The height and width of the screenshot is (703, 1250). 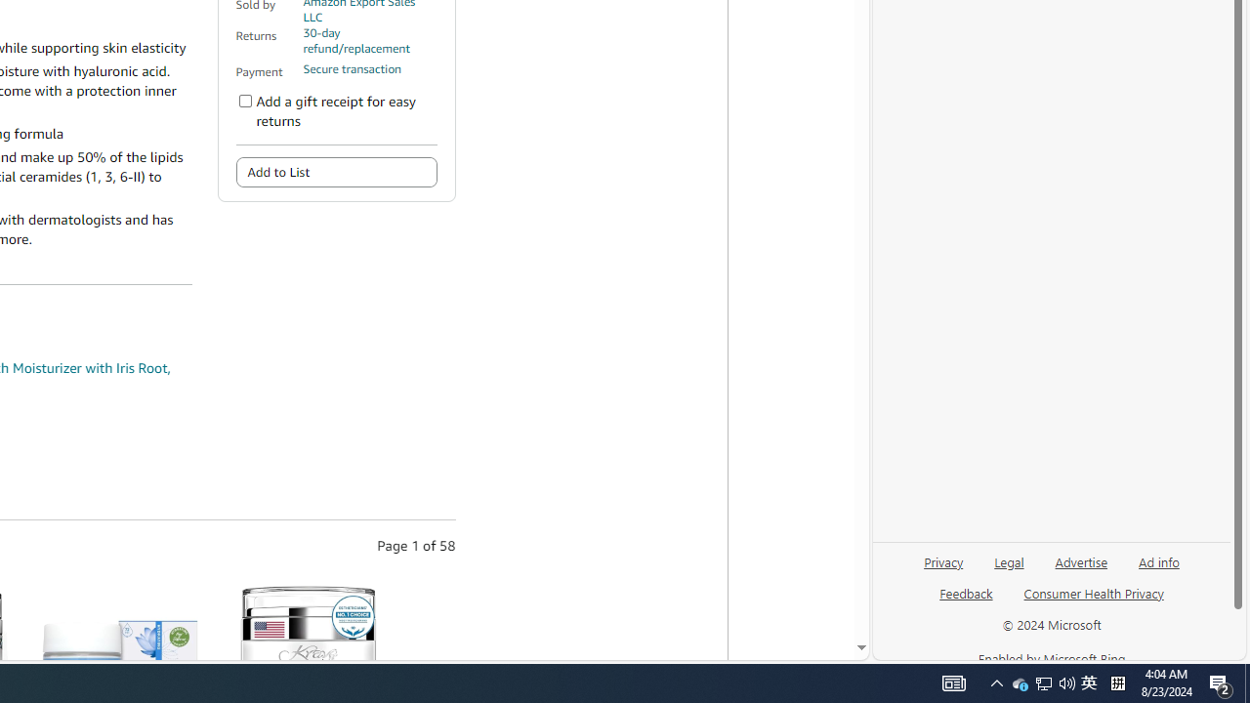 What do you see at coordinates (369, 41) in the screenshot?
I see `'30-day refund/replacement'` at bounding box center [369, 41].